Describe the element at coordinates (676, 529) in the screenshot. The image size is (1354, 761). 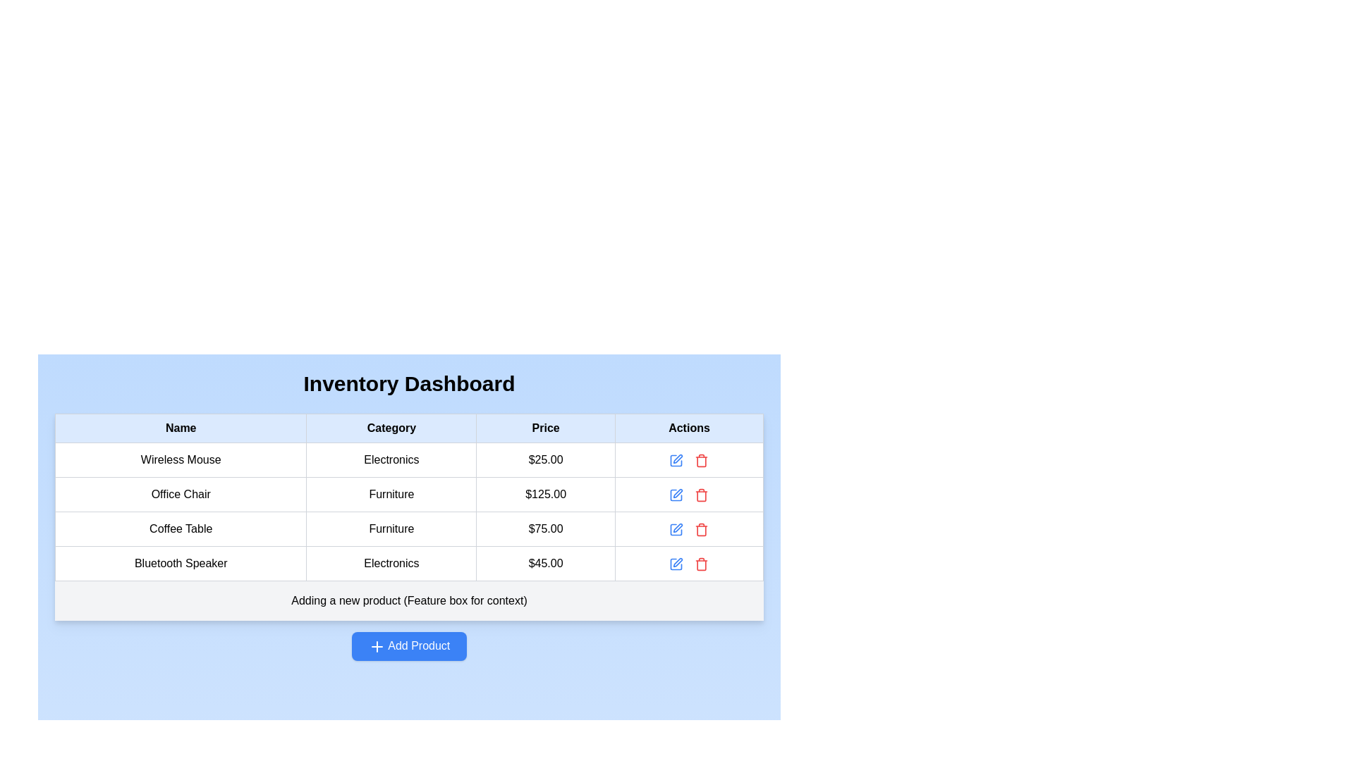
I see `the edit button located in the 'Actions' column of the third row in the table to initiate editing` at that location.